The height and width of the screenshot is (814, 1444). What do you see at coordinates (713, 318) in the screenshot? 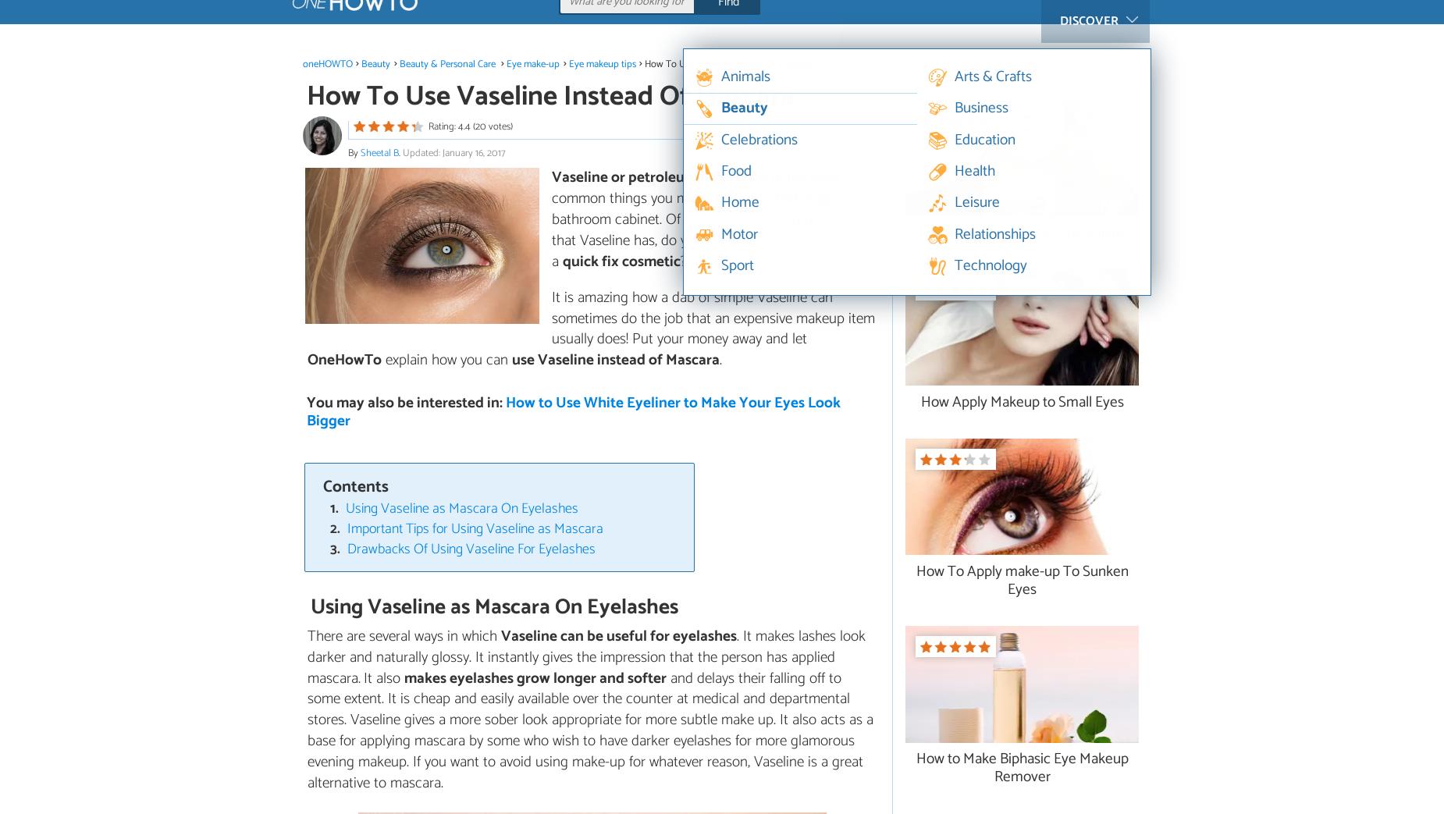
I see `'It is amazing how a dab of simple Vaseline can sometimes do the job that an expensive makeup item usually does! Put your money away and let'` at bounding box center [713, 318].